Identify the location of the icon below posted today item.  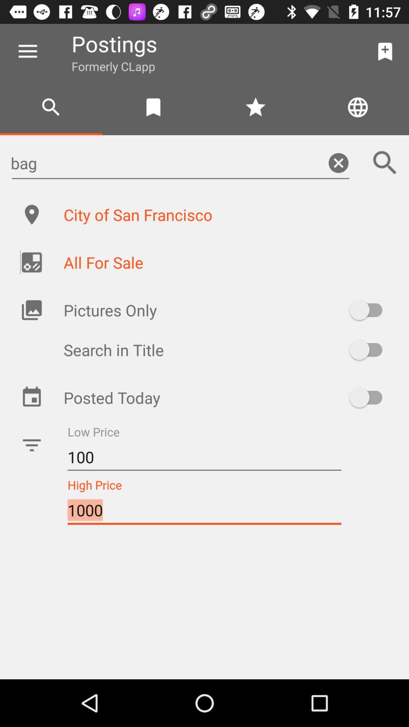
(204, 457).